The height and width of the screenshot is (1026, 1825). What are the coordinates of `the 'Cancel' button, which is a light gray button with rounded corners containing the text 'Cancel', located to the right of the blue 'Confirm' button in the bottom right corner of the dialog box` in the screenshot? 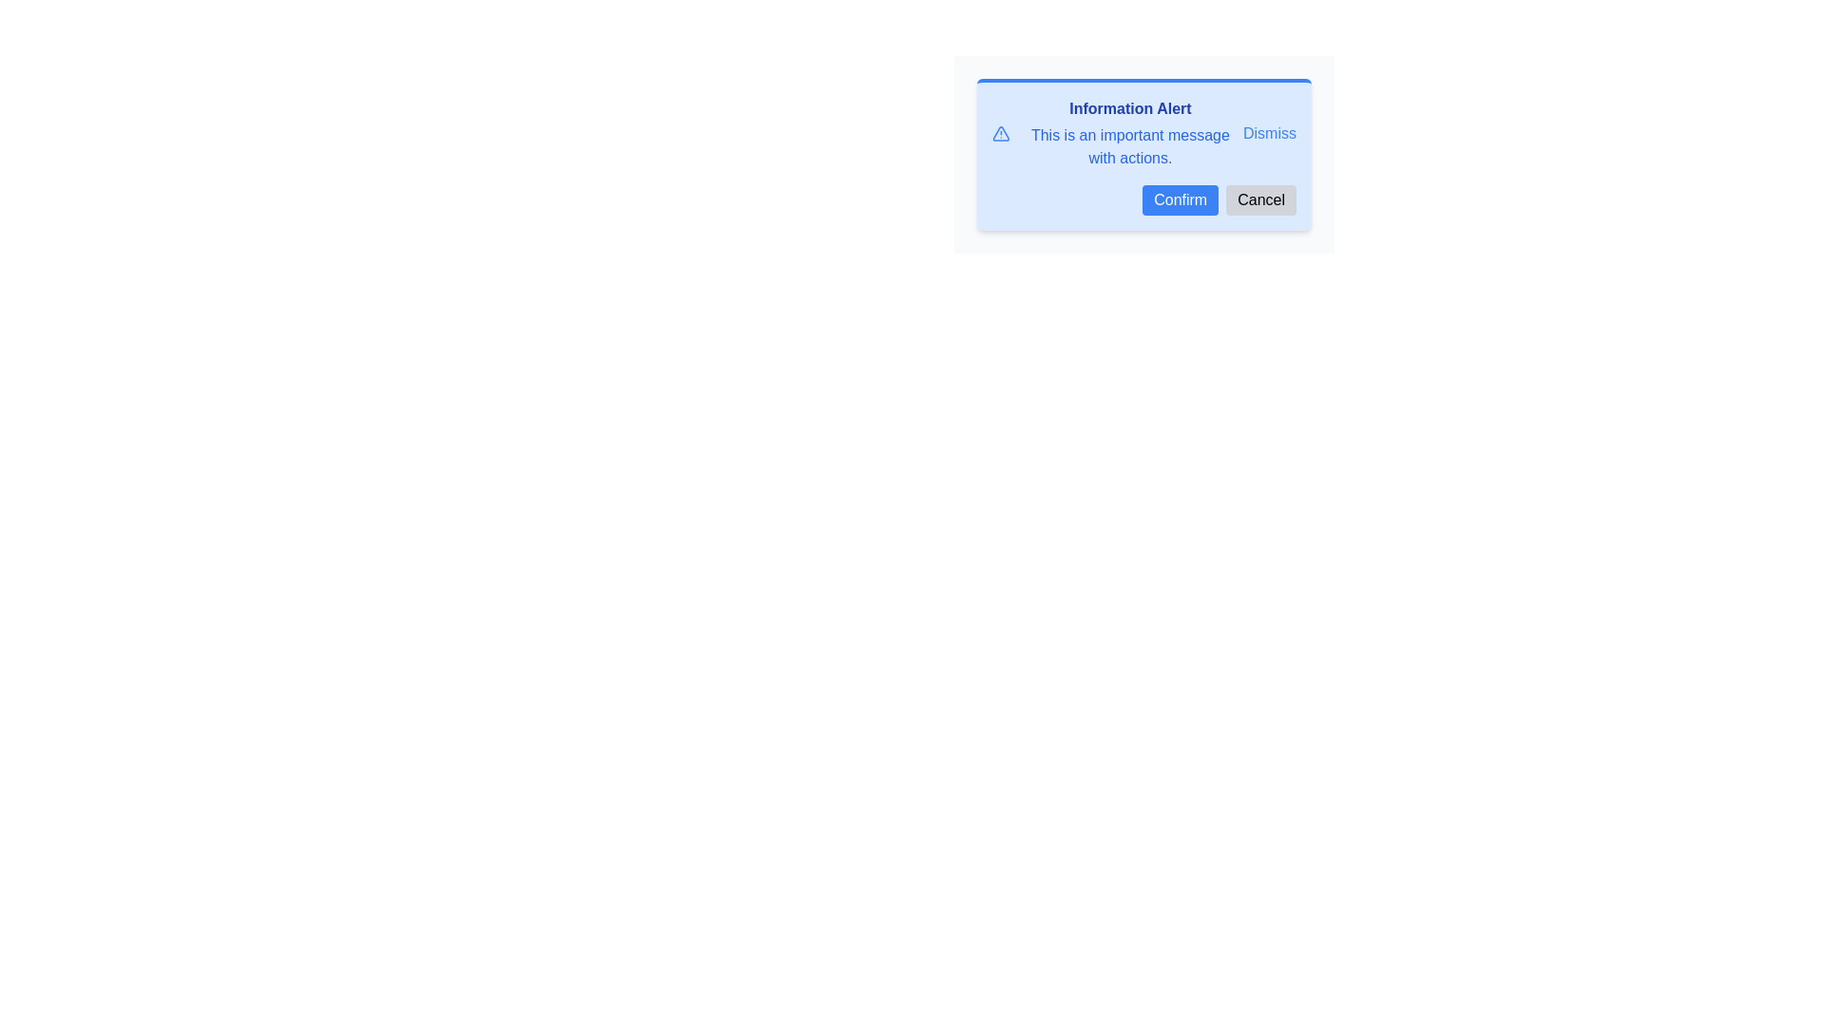 It's located at (1261, 200).